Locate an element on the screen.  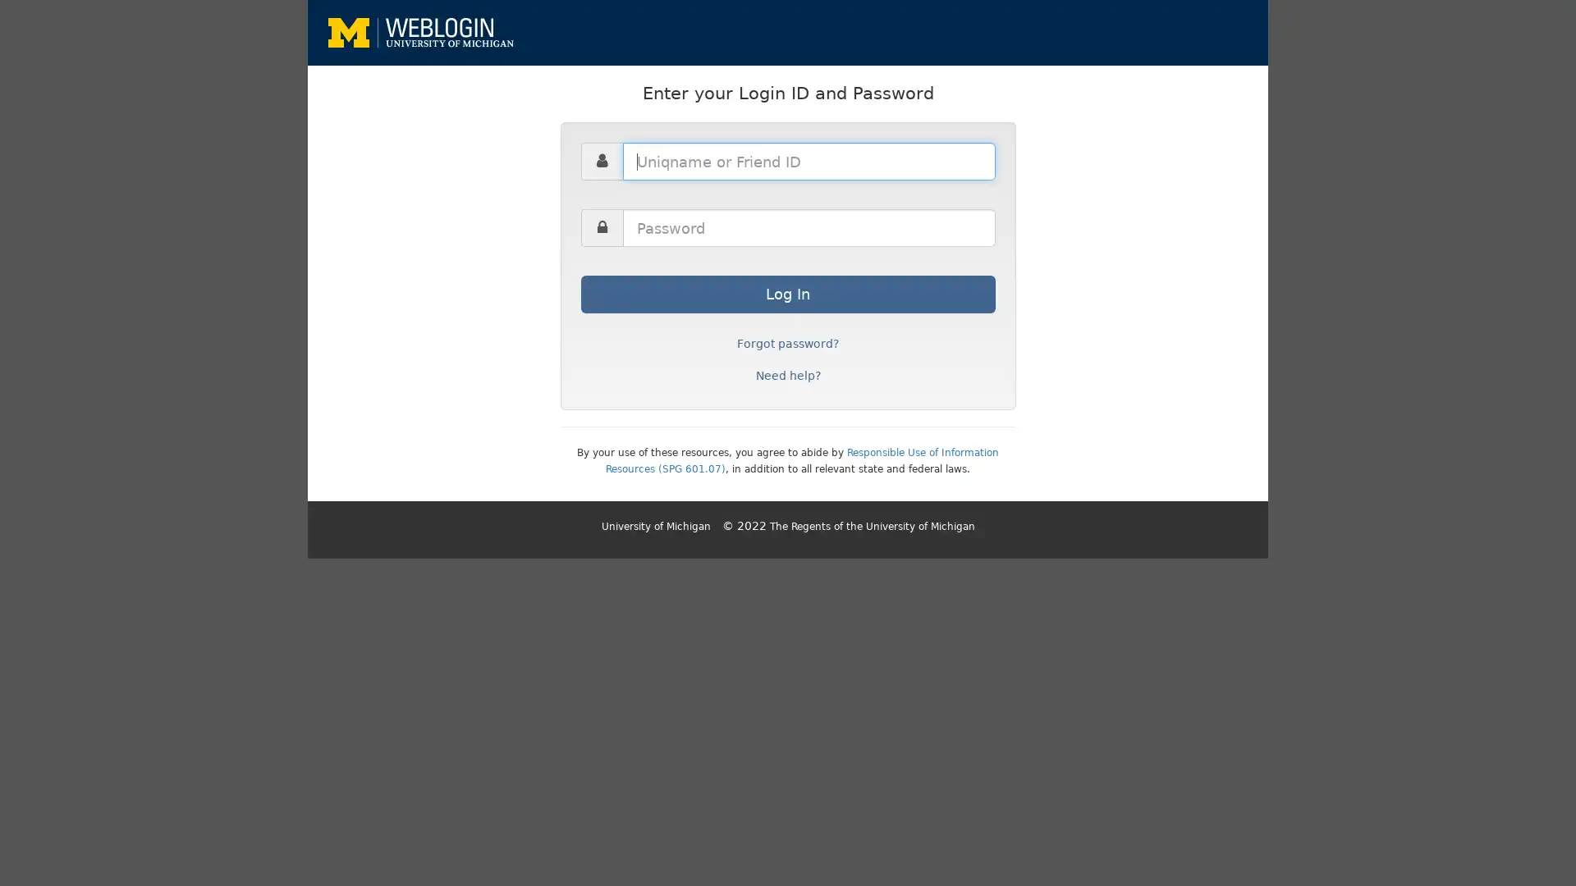
Log In is located at coordinates (786, 293).